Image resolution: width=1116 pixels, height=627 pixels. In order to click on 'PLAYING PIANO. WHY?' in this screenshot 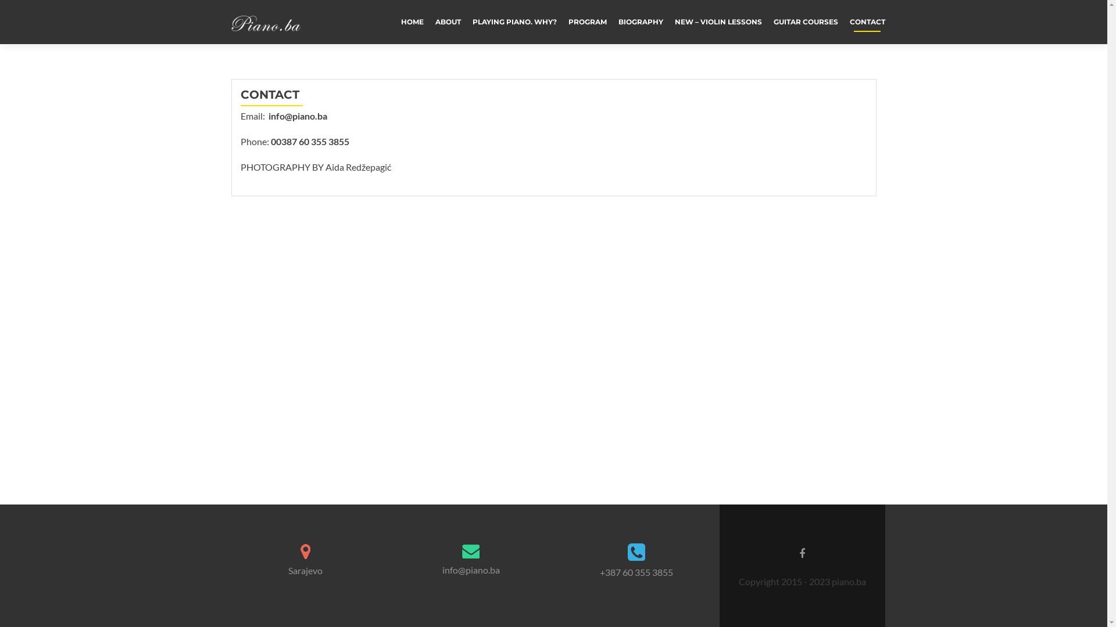, I will do `click(513, 21)`.